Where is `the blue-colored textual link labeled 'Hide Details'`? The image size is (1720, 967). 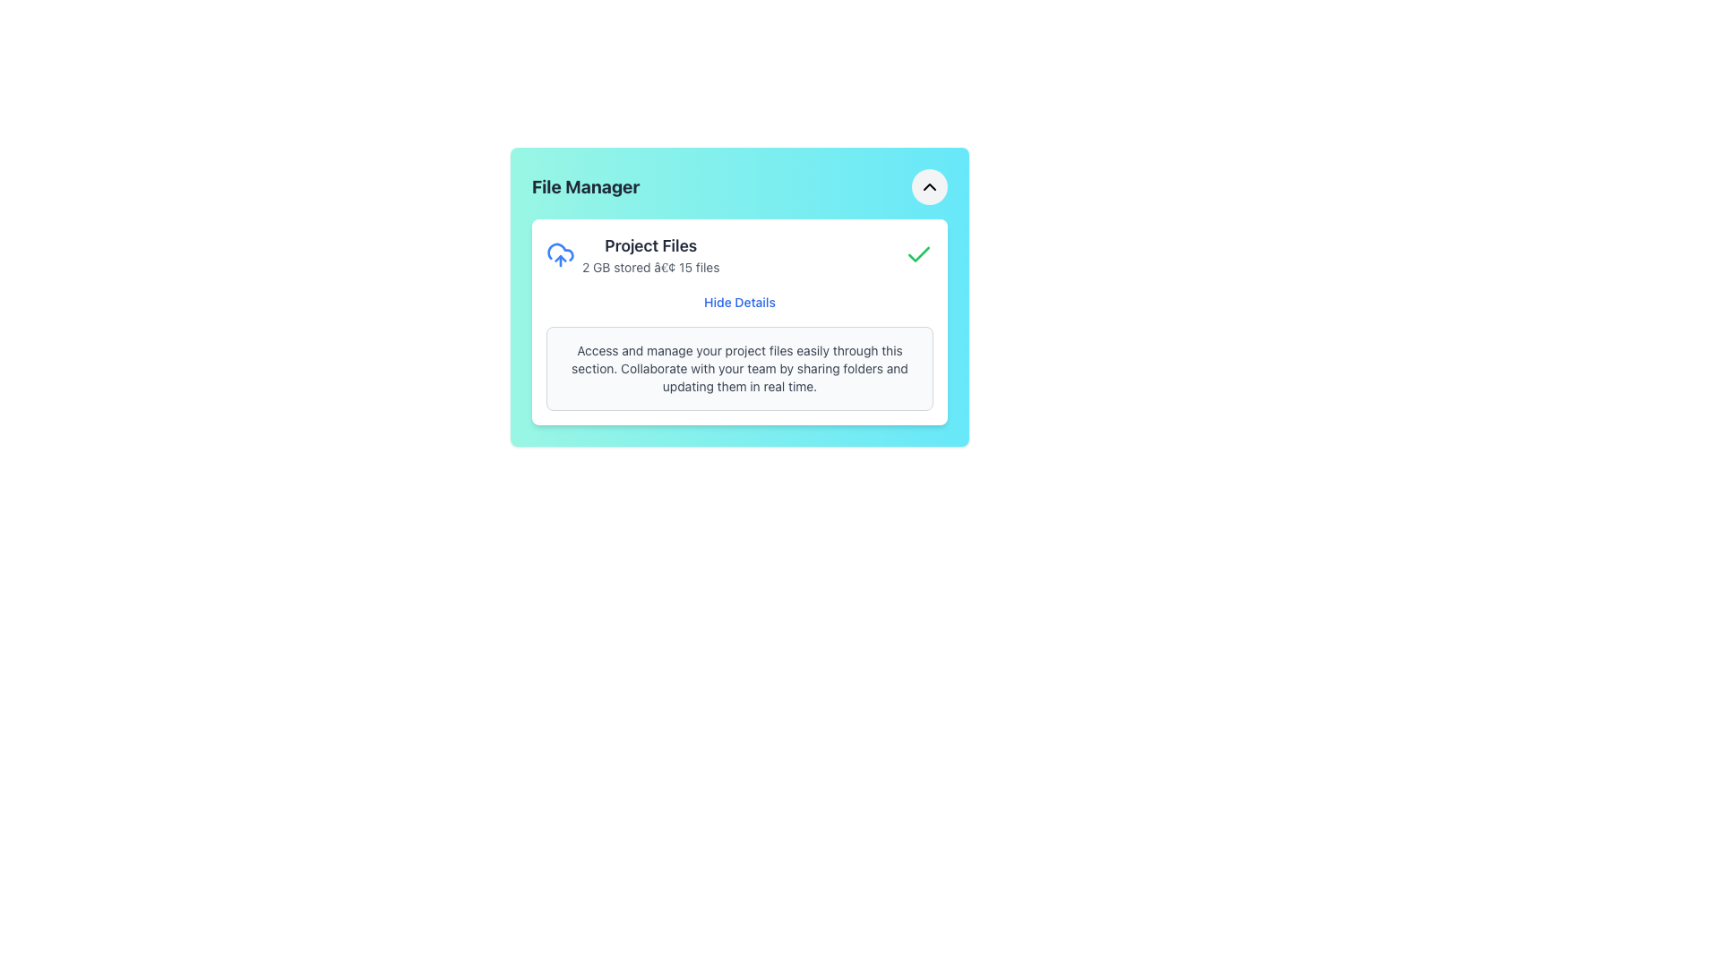
the blue-colored textual link labeled 'Hide Details' is located at coordinates (739, 302).